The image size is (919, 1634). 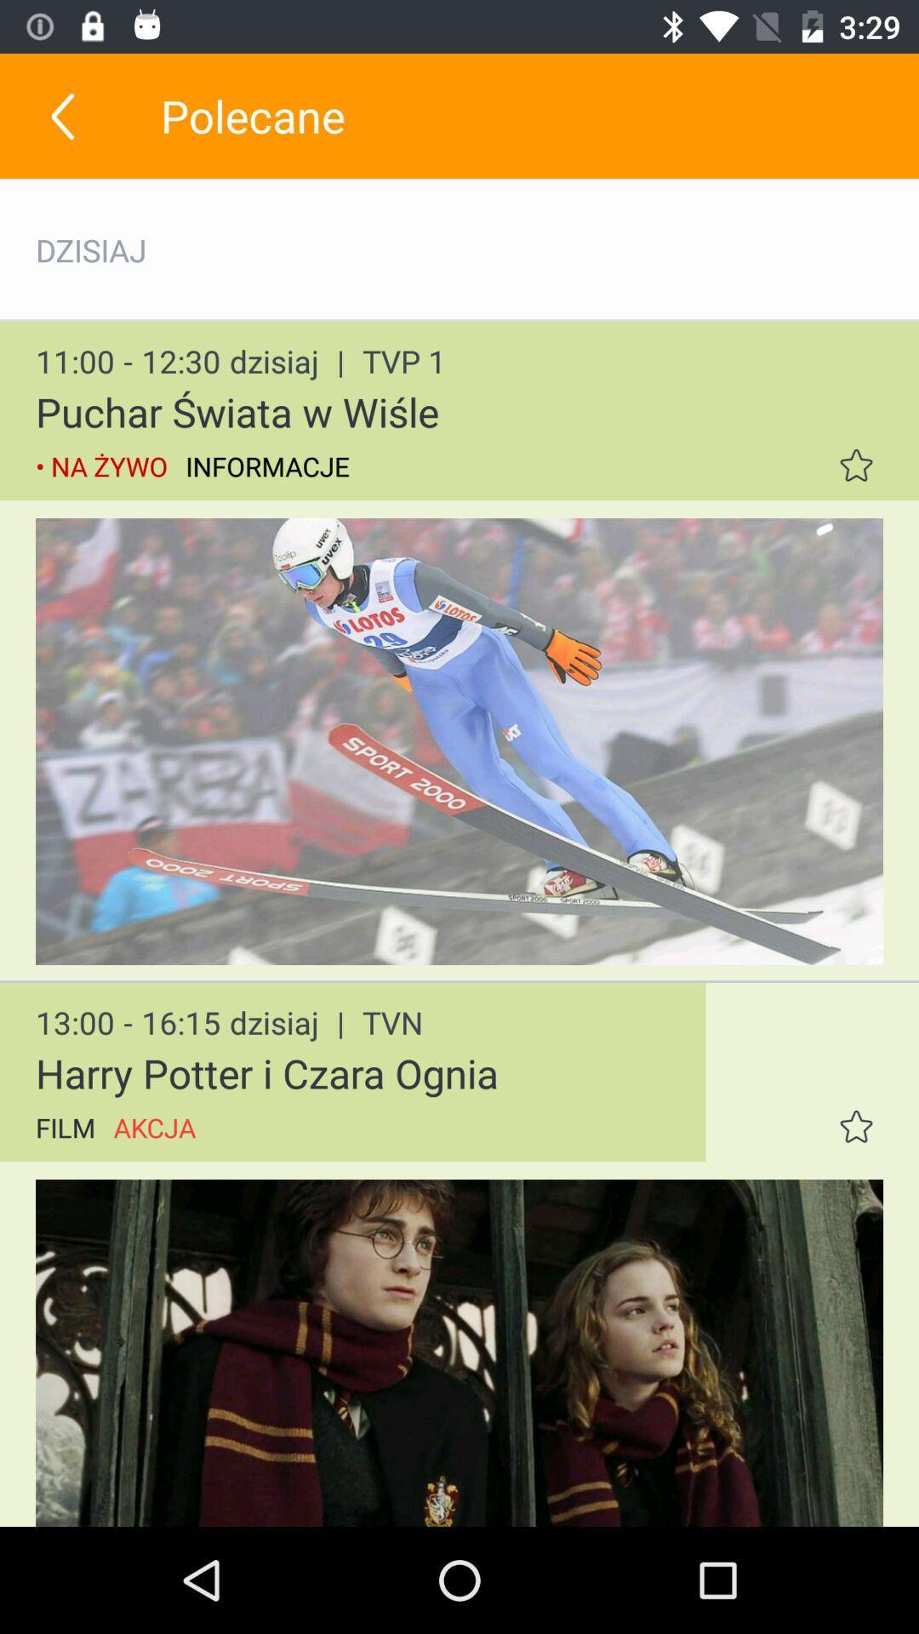 I want to click on the item to the left of polecane, so click(x=61, y=115).